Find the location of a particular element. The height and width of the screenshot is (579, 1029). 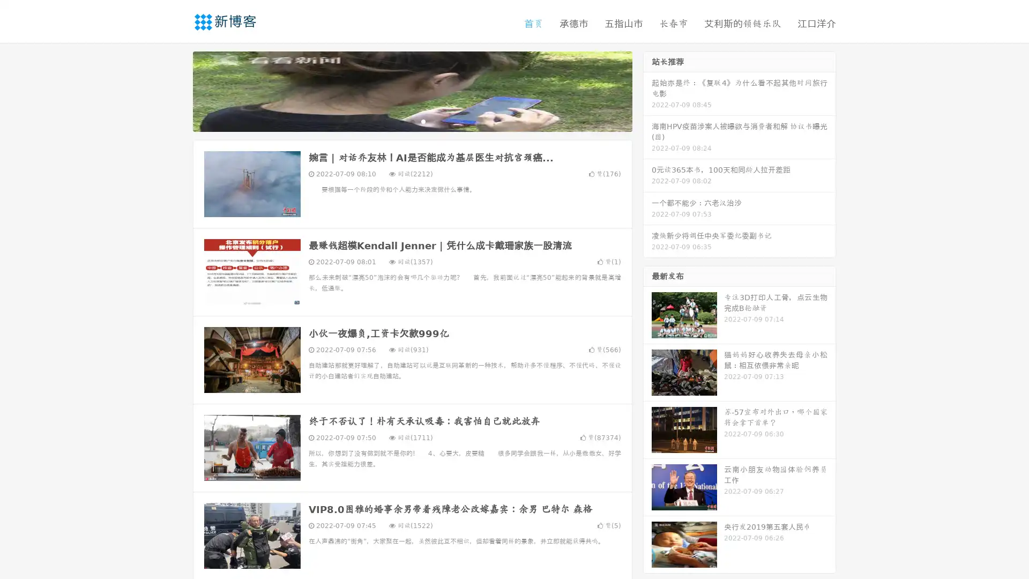

Go to slide 3 is located at coordinates (423, 121).